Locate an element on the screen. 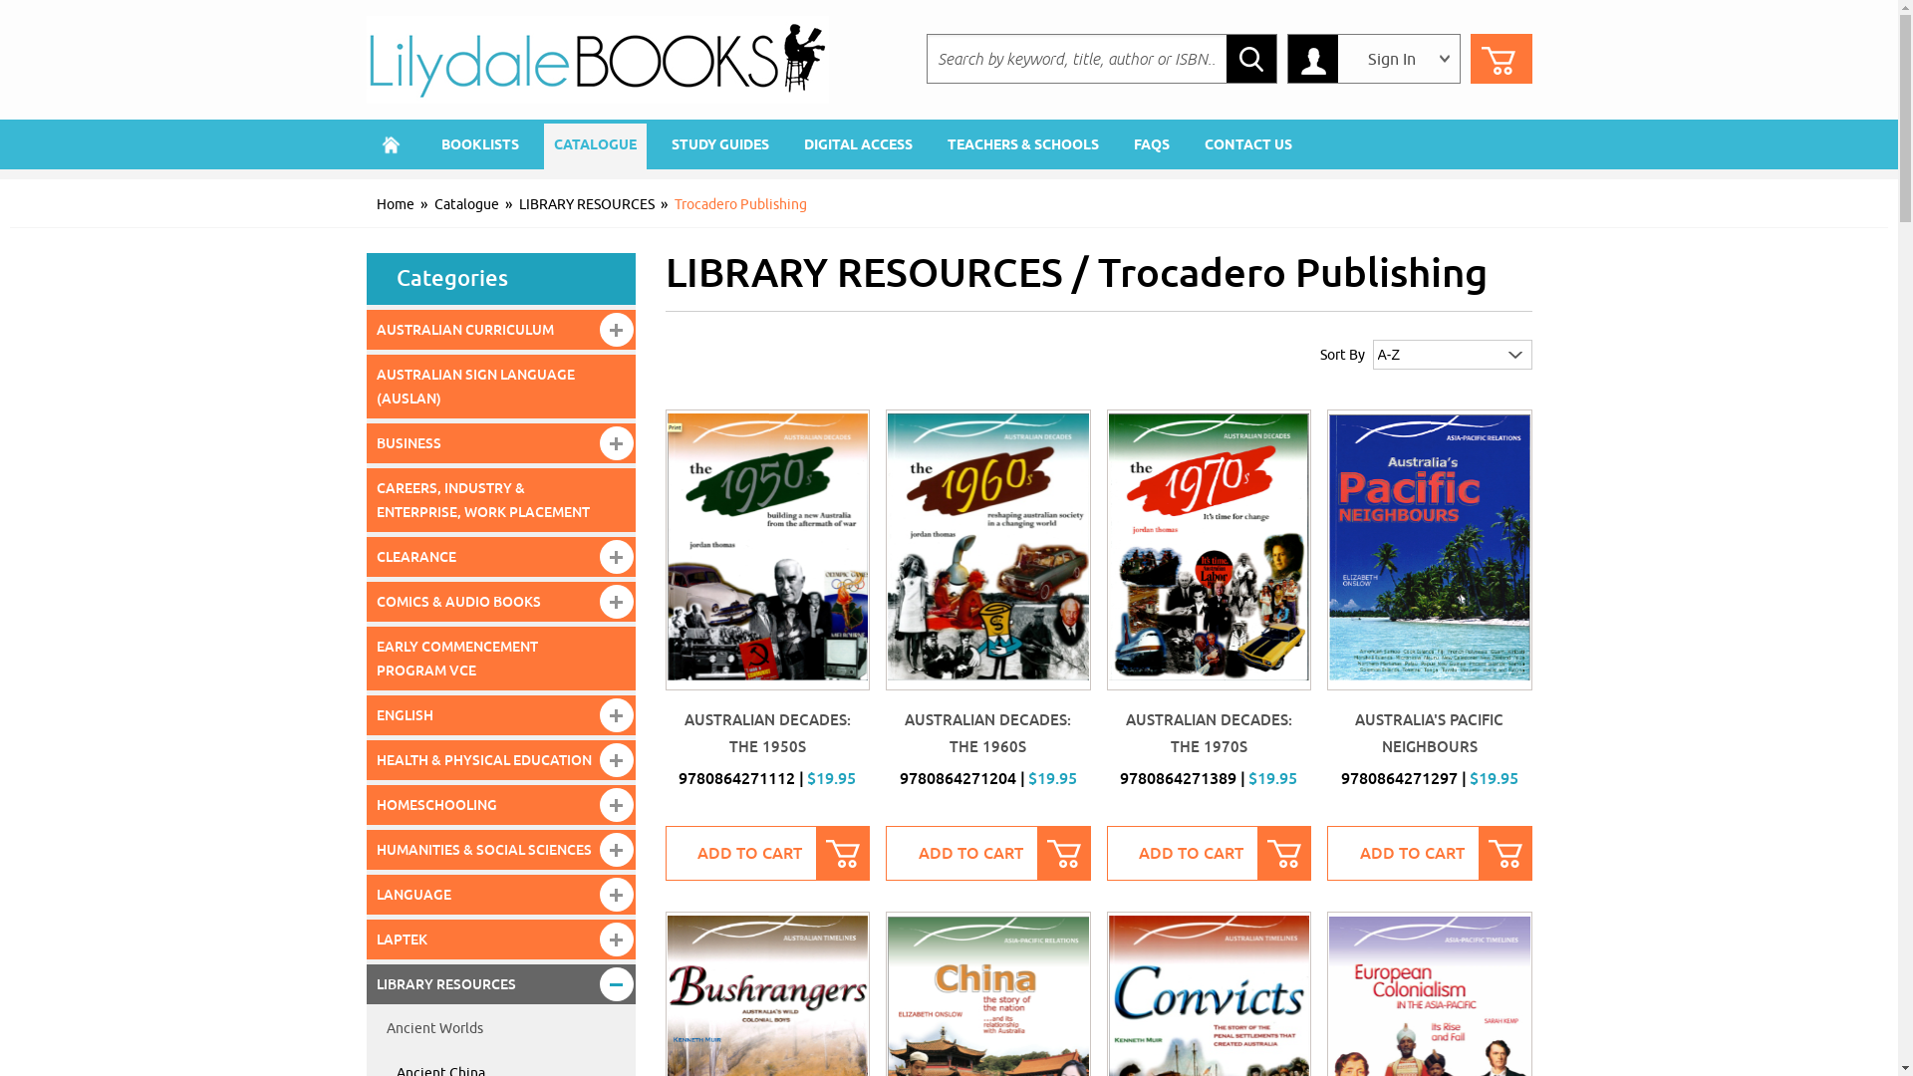 The image size is (1913, 1076). 'LAPTEK' is located at coordinates (501, 939).